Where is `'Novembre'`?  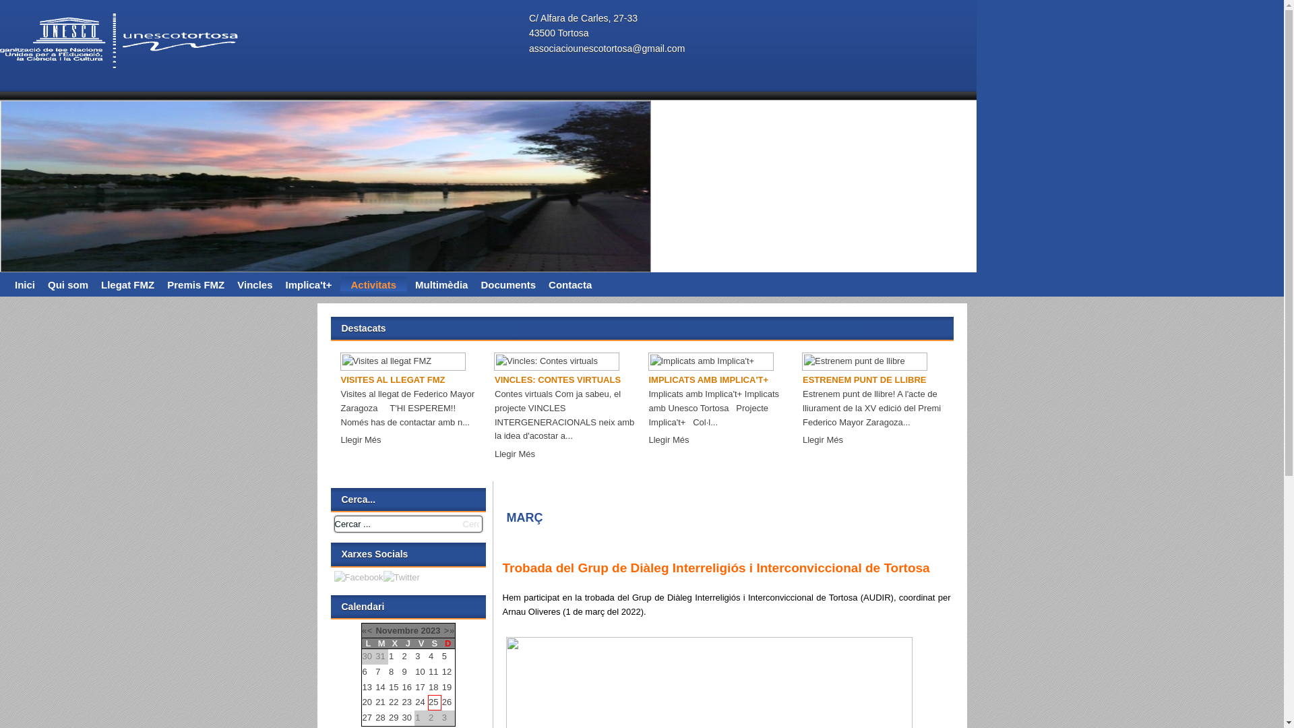
'Novembre' is located at coordinates (396, 630).